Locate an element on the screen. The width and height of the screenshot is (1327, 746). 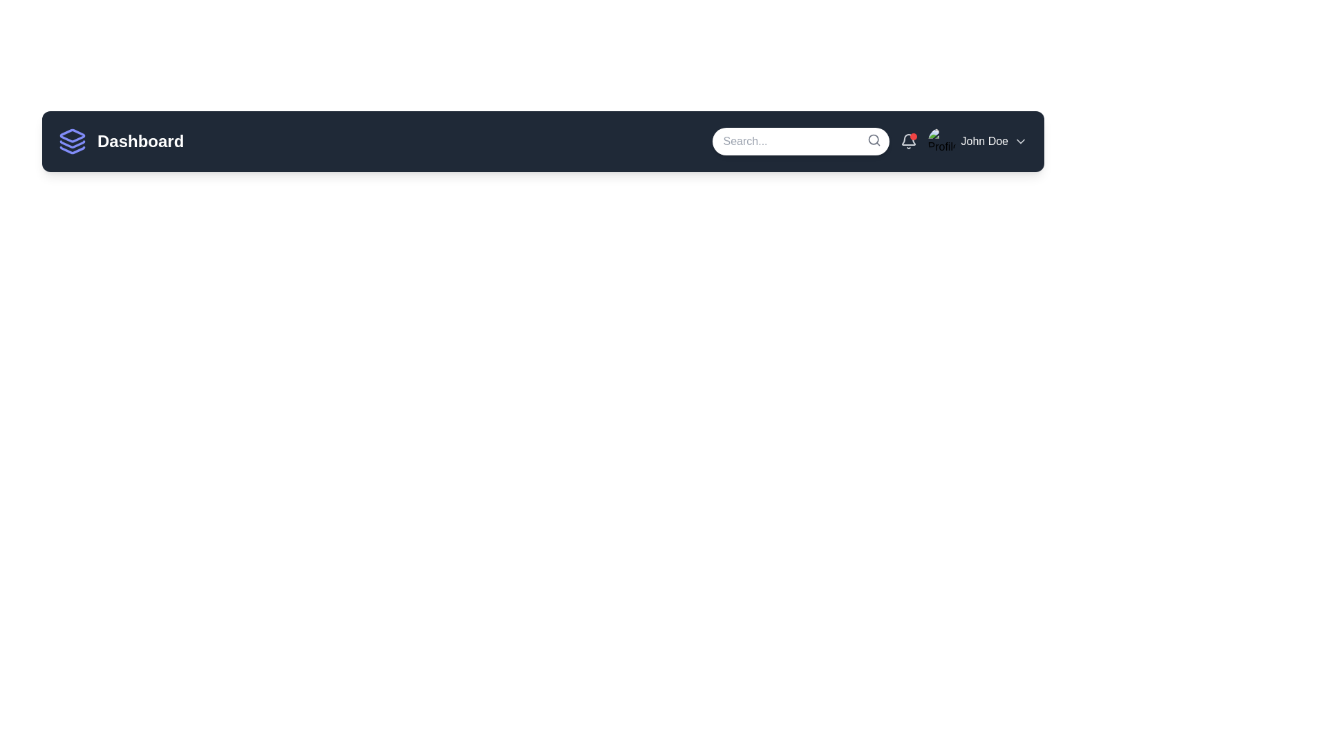
the downwards-pointing gray chevron icon adjacent to the text 'John Doe' is located at coordinates (1021, 141).